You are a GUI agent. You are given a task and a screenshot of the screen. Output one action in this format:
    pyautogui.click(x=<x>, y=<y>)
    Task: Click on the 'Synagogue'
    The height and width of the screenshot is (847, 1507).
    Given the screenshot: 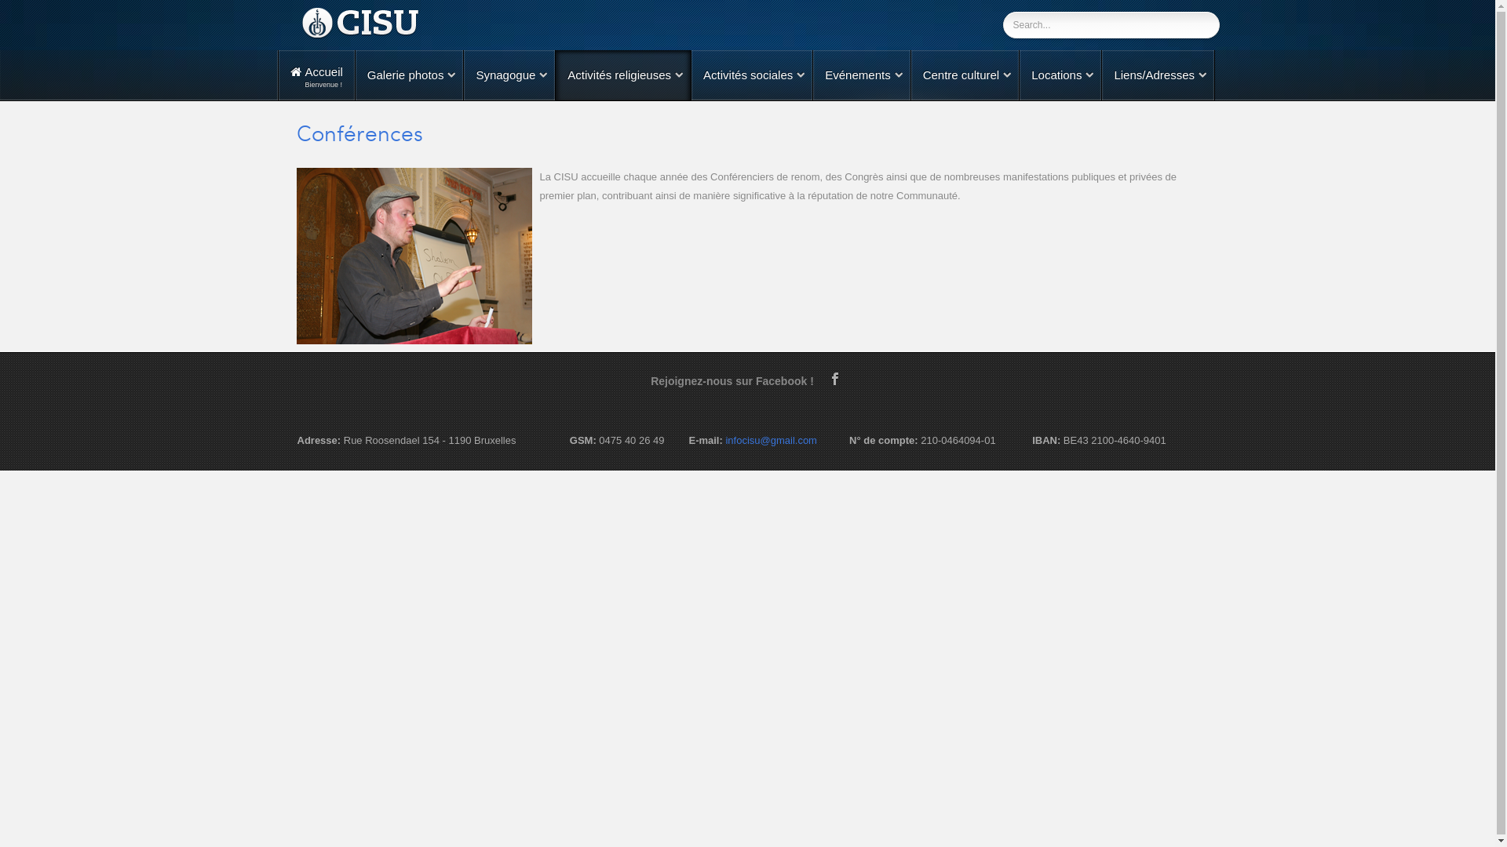 What is the action you would take?
    pyautogui.click(x=509, y=75)
    